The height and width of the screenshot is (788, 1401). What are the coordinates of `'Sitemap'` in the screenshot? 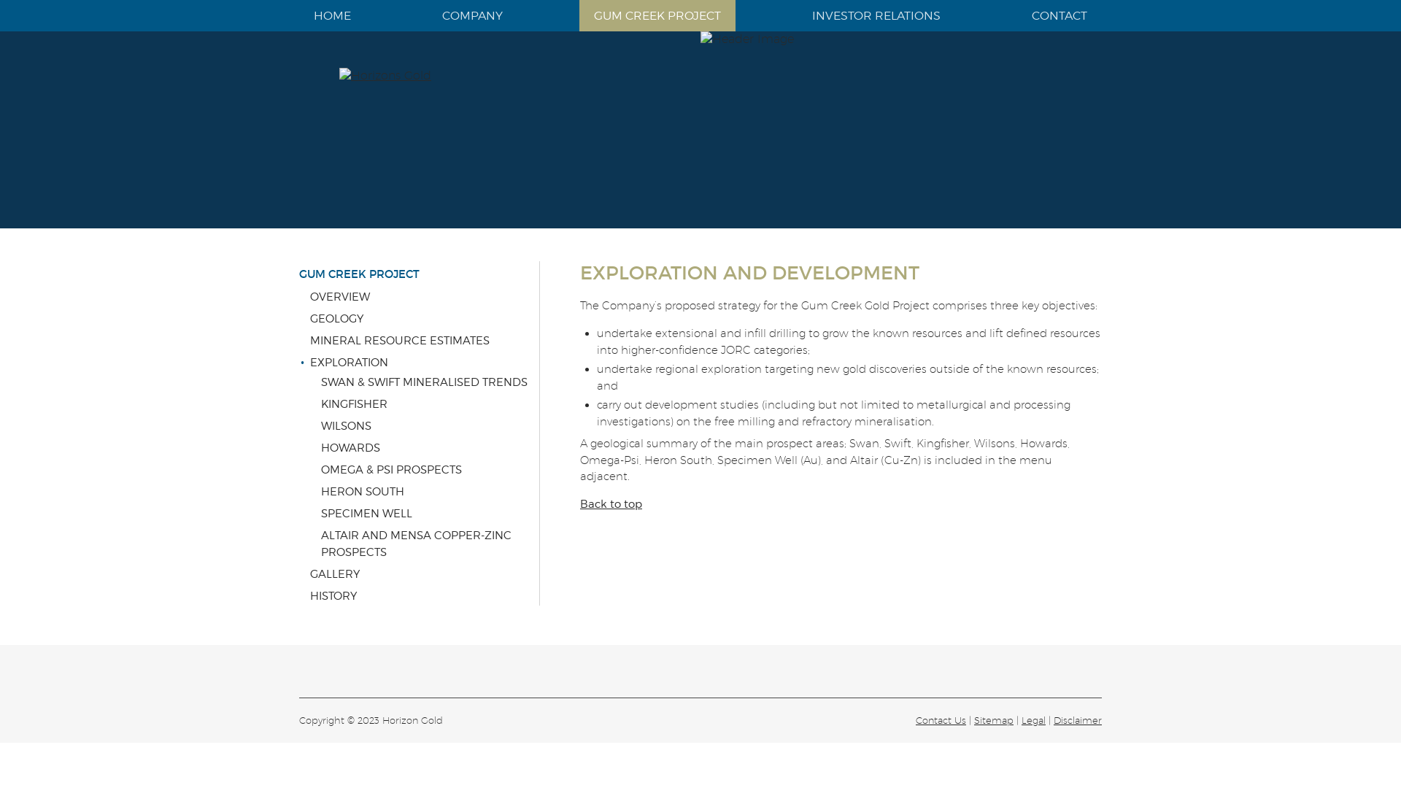 It's located at (993, 719).